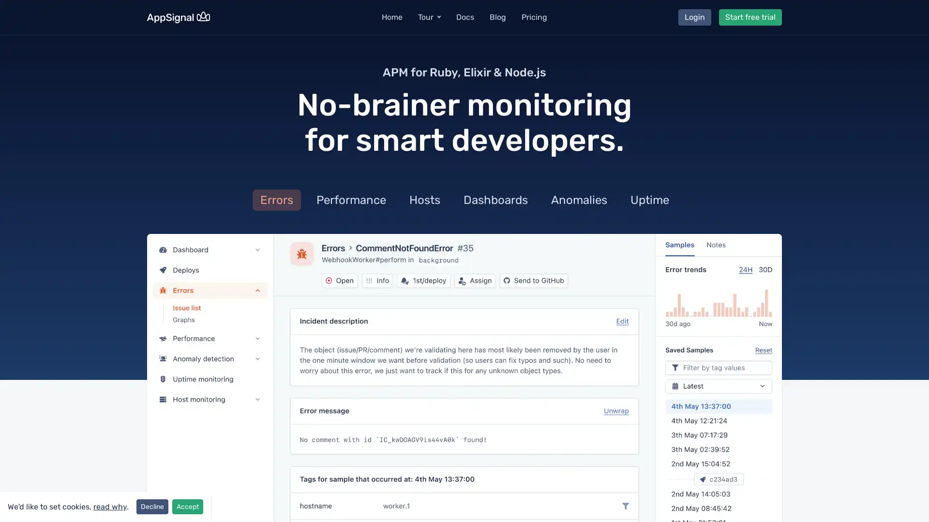  I want to click on Performance, so click(350, 199).